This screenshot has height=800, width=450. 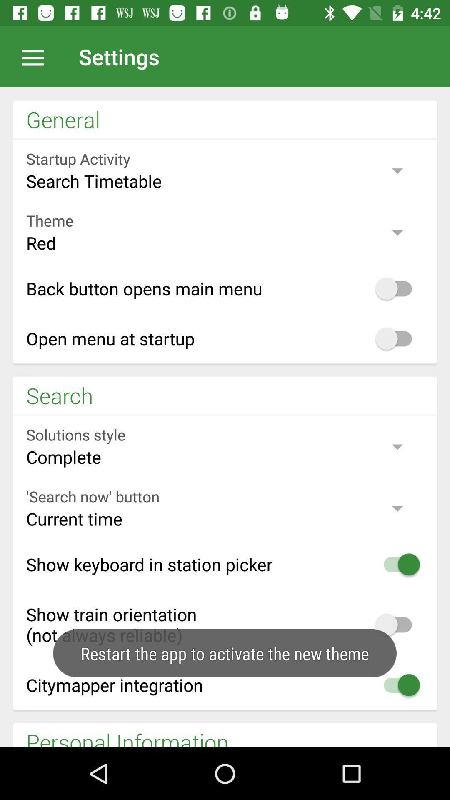 I want to click on the first drop down from general, so click(x=225, y=170).